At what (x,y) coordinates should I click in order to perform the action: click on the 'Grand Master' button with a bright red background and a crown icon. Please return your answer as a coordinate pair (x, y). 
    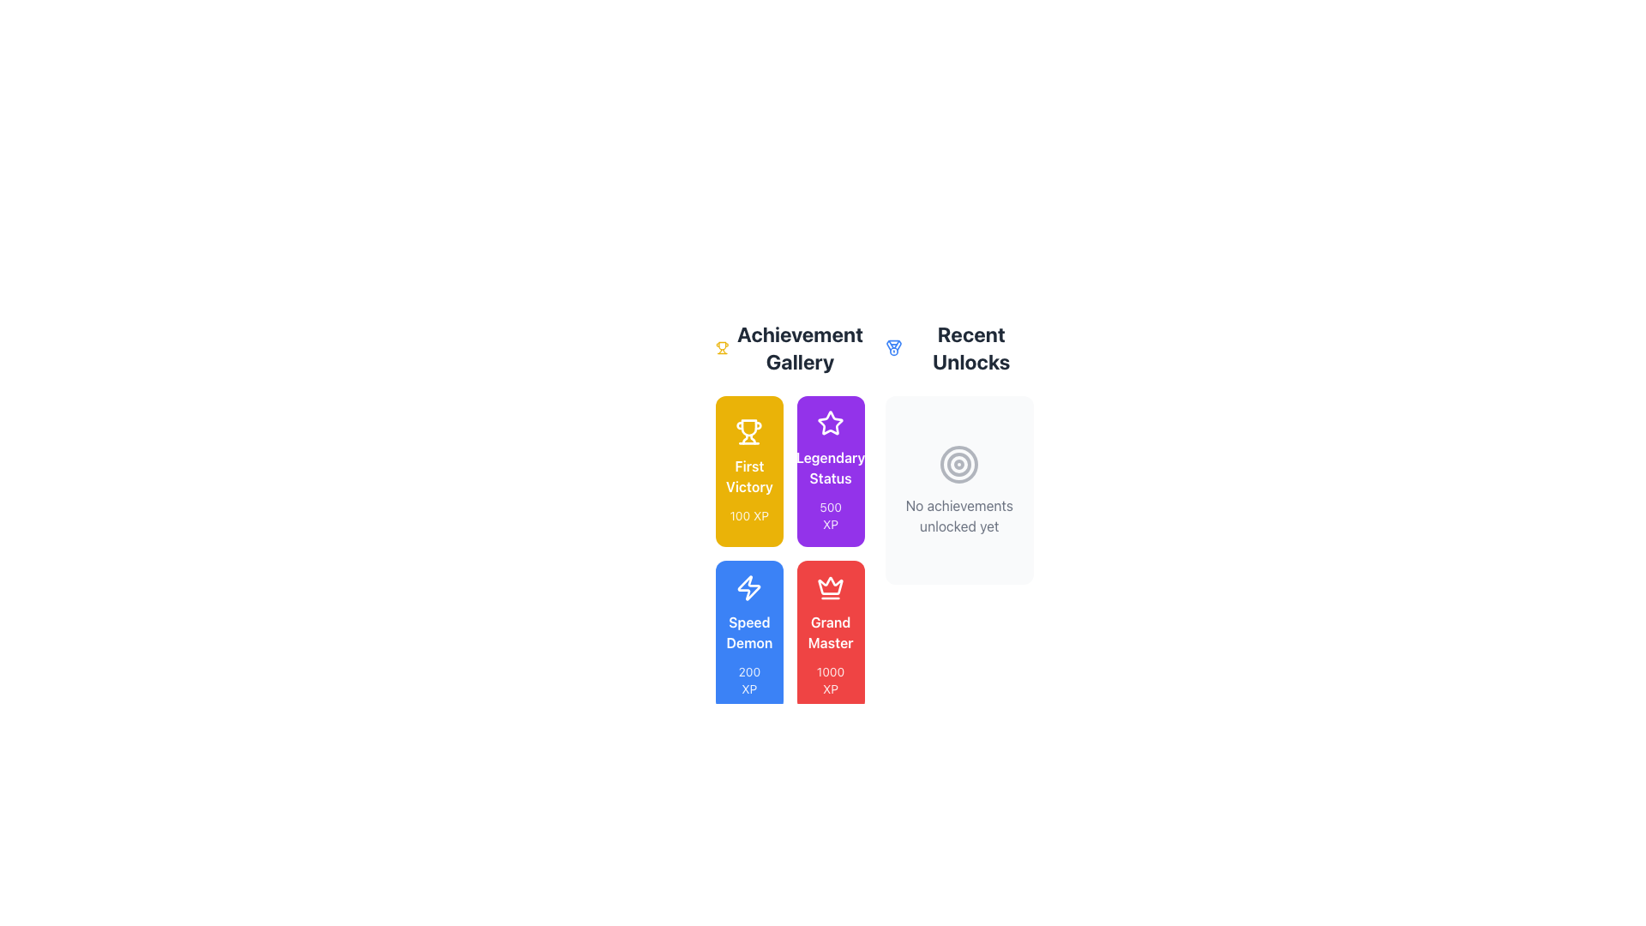
    Looking at the image, I should click on (831, 635).